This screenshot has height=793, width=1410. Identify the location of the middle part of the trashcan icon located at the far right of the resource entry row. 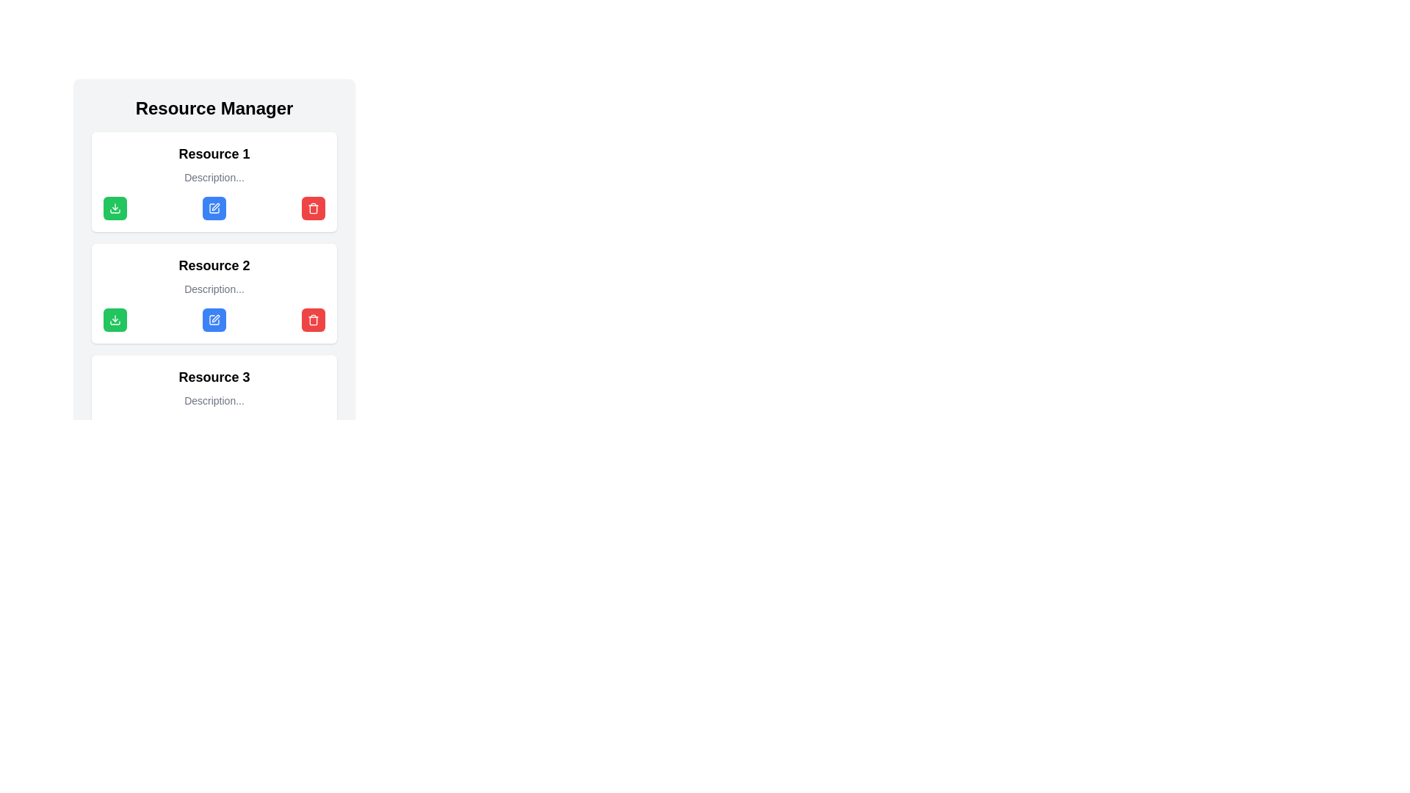
(313, 209).